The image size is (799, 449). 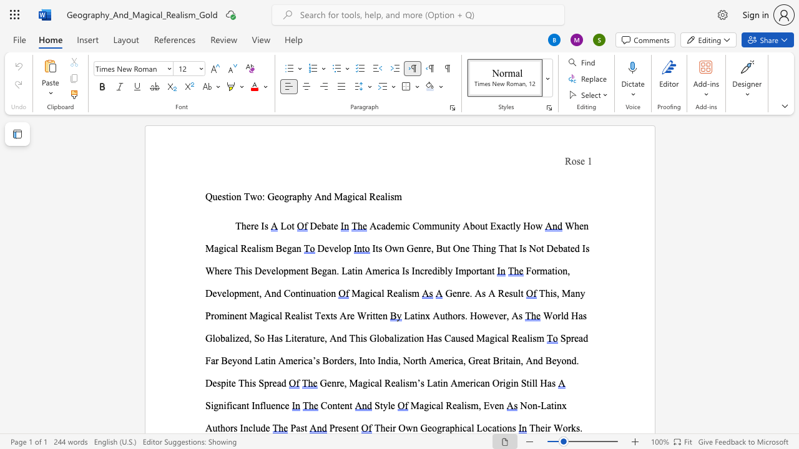 What do you see at coordinates (552, 405) in the screenshot?
I see `the 1th character "t" in the text` at bounding box center [552, 405].